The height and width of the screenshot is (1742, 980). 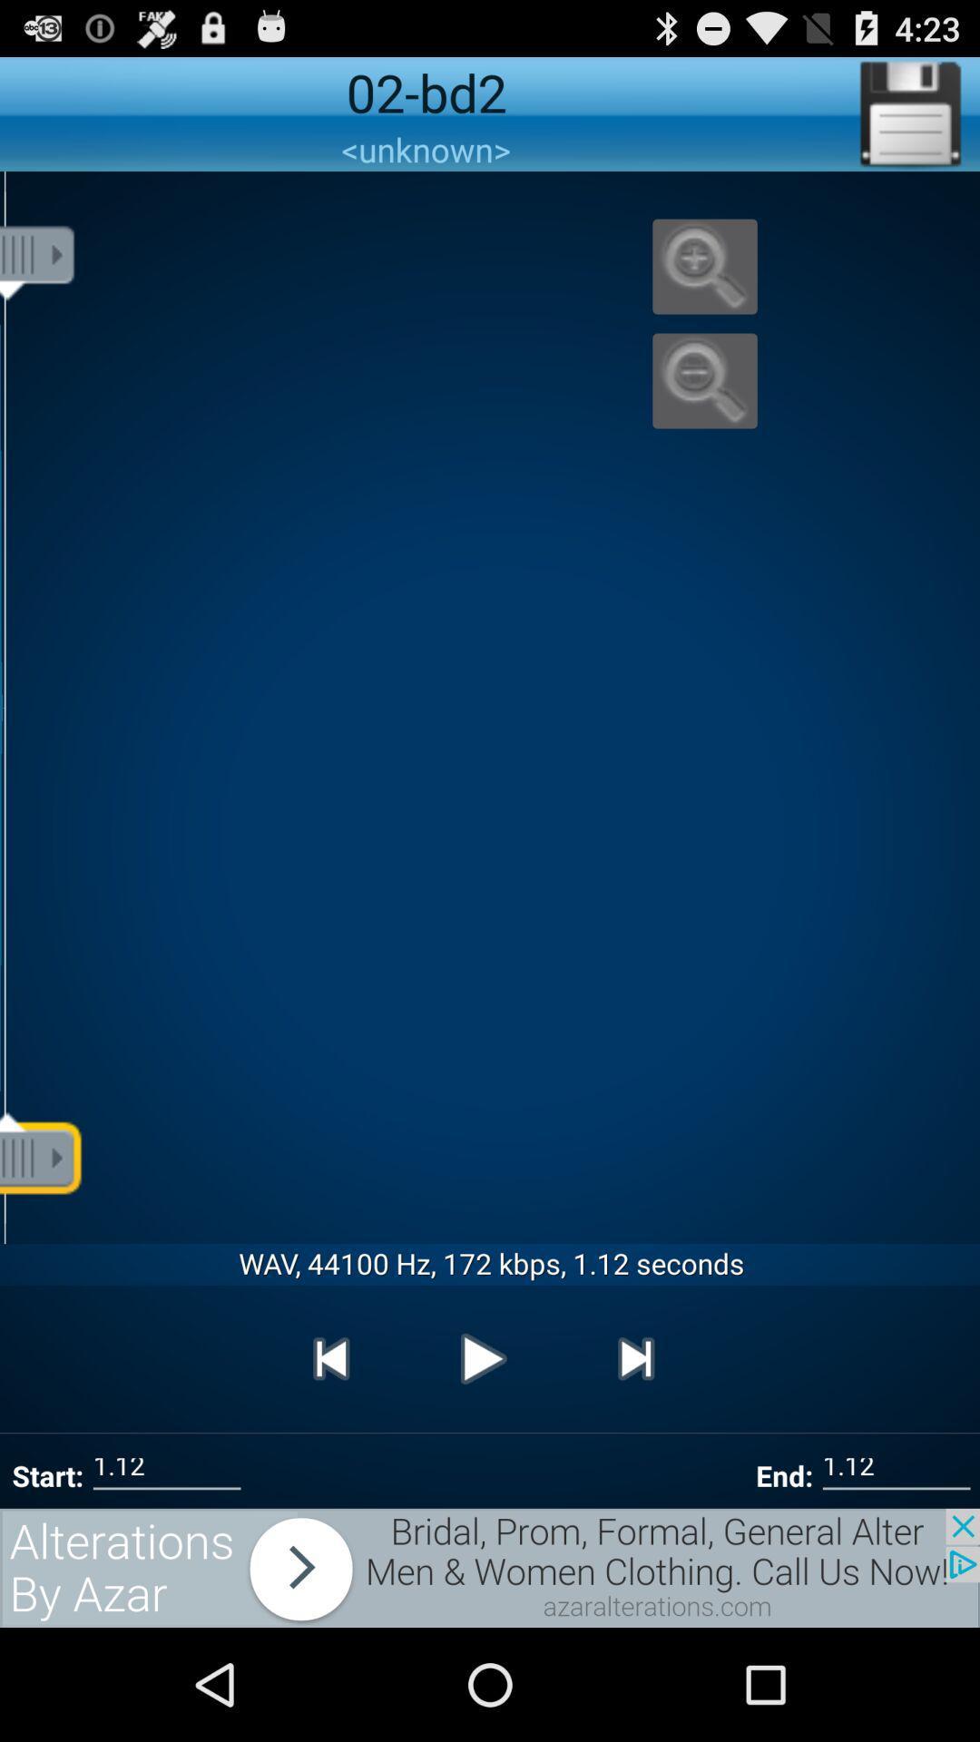 I want to click on the skip_next icon, so click(x=635, y=1454).